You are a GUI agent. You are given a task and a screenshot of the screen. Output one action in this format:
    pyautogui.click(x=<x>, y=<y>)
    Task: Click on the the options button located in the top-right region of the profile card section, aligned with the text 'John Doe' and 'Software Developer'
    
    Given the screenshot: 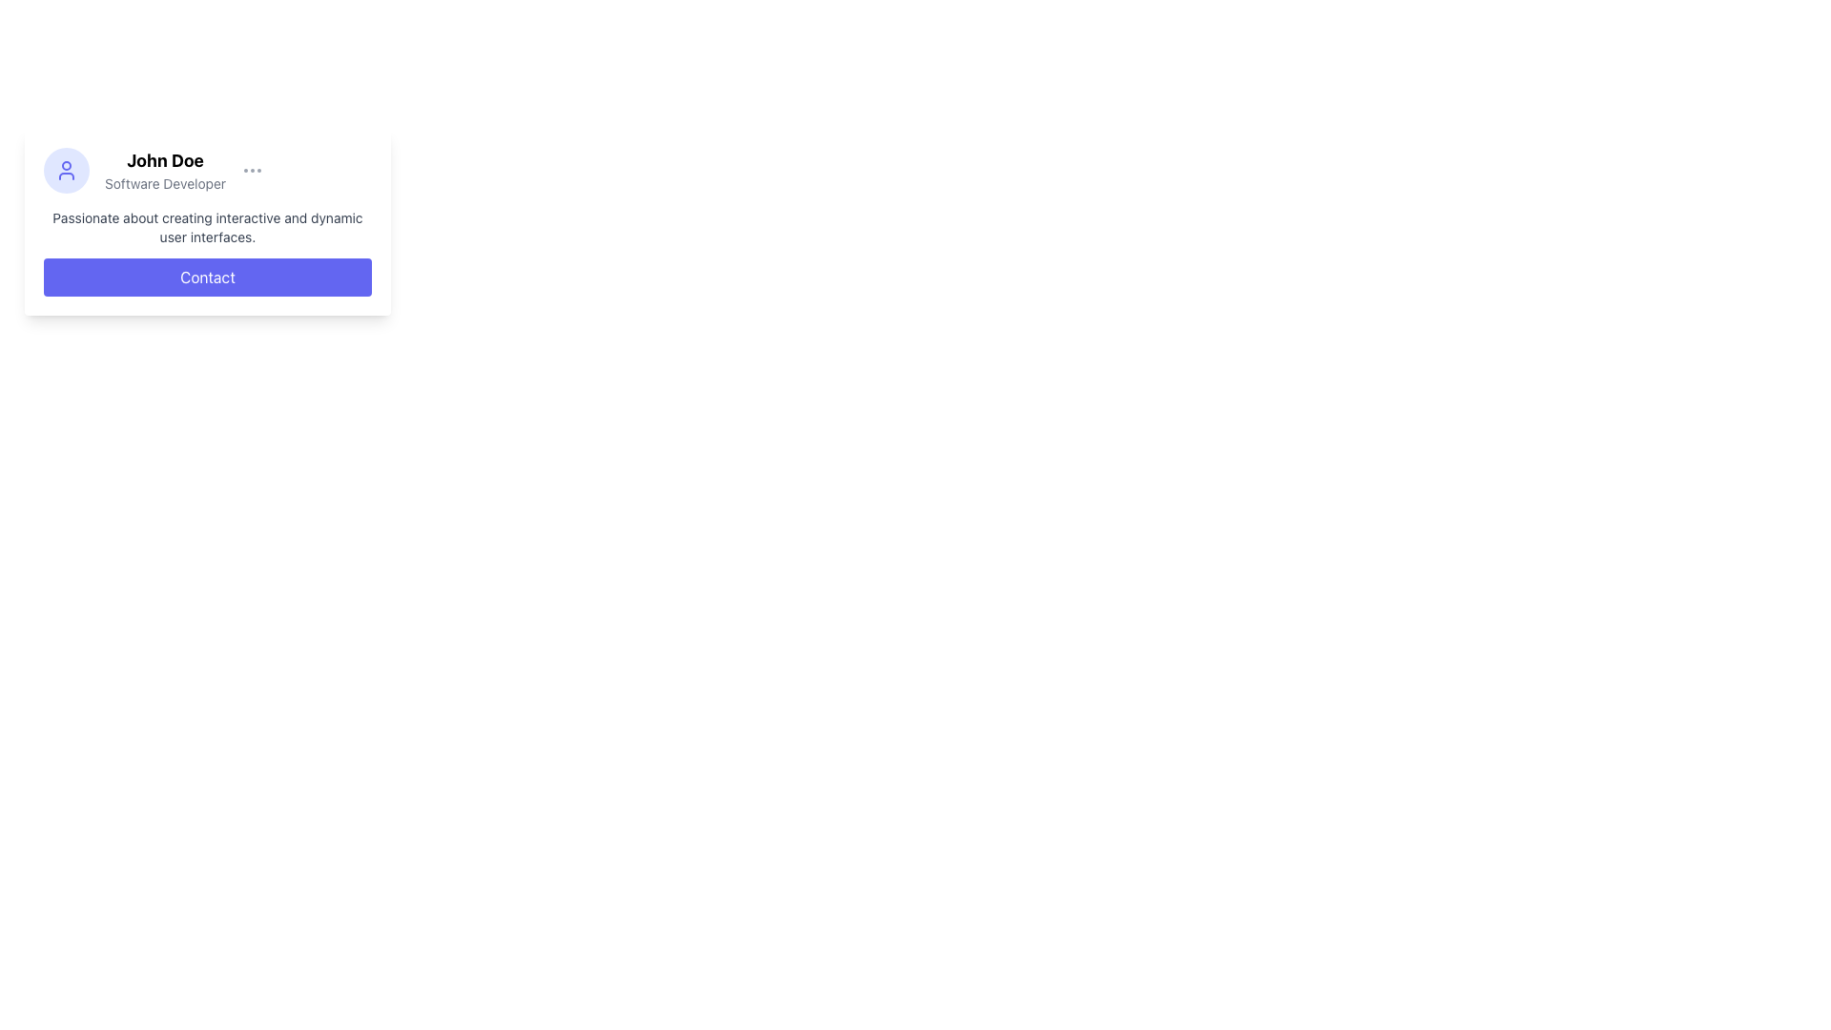 What is the action you would take?
    pyautogui.click(x=252, y=169)
    